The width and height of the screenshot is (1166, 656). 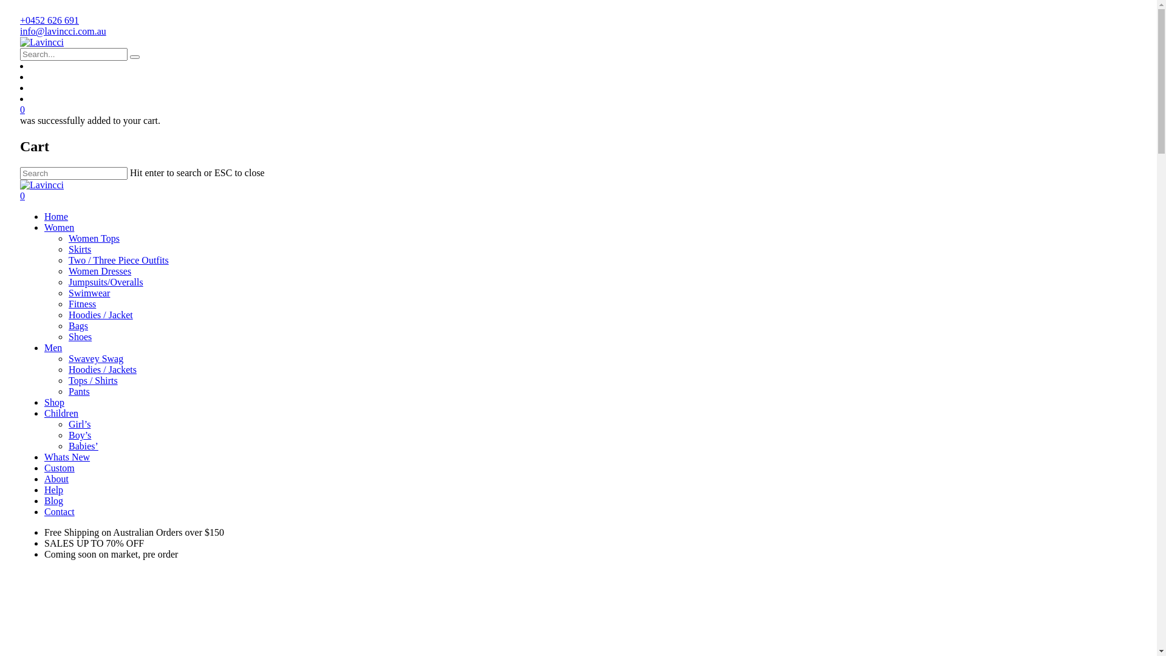 What do you see at coordinates (49, 20) in the screenshot?
I see `'+0452 626 691'` at bounding box center [49, 20].